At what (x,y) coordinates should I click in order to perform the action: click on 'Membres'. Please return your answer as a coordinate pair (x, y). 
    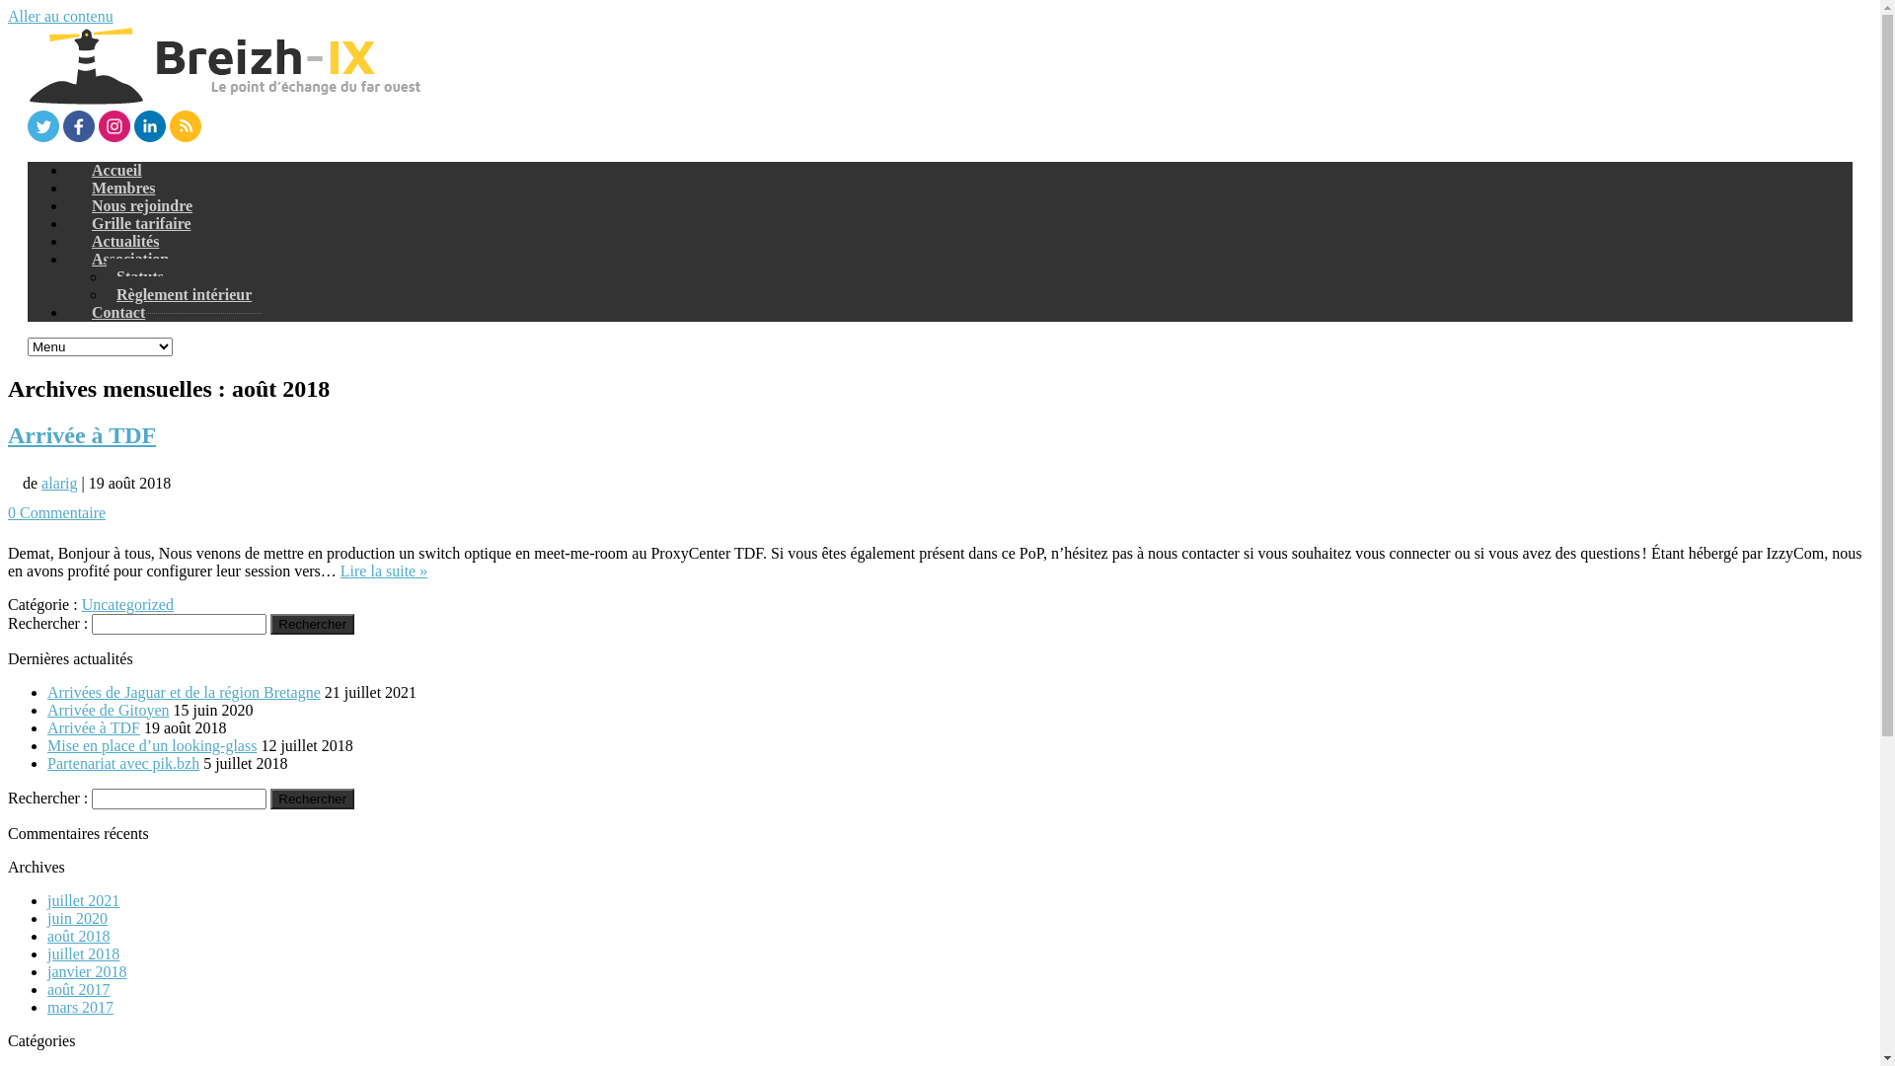
    Looking at the image, I should click on (122, 188).